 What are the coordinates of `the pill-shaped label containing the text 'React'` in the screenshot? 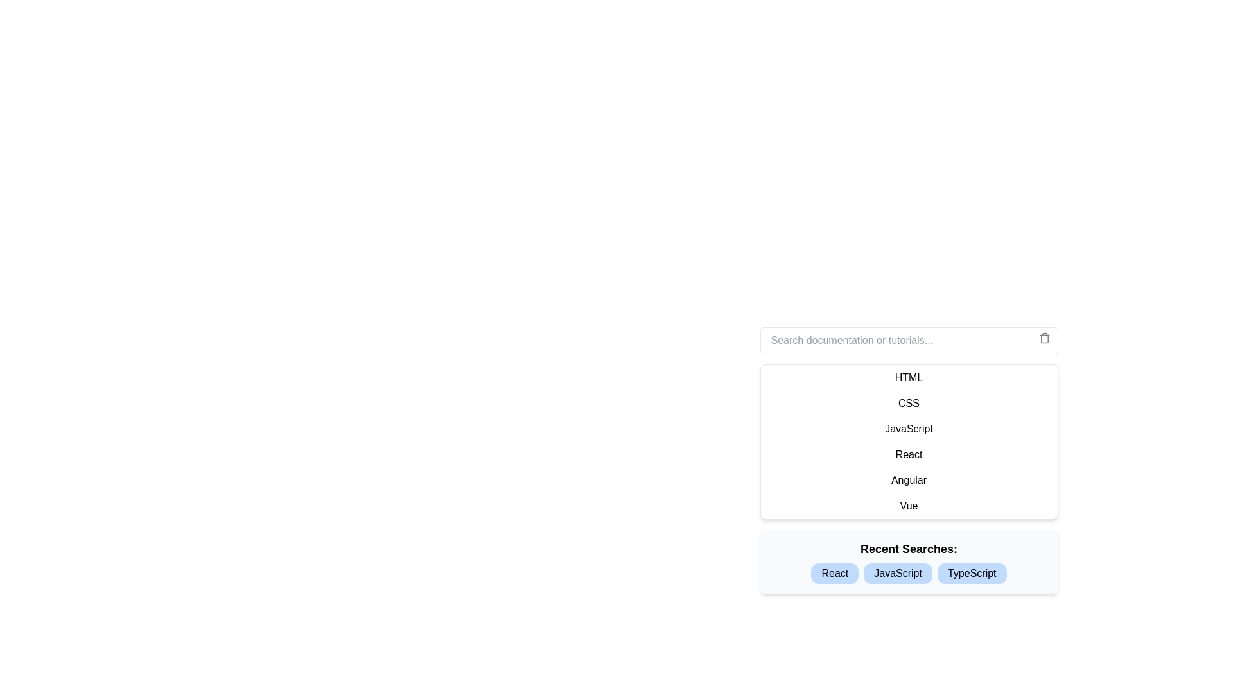 It's located at (835, 573).